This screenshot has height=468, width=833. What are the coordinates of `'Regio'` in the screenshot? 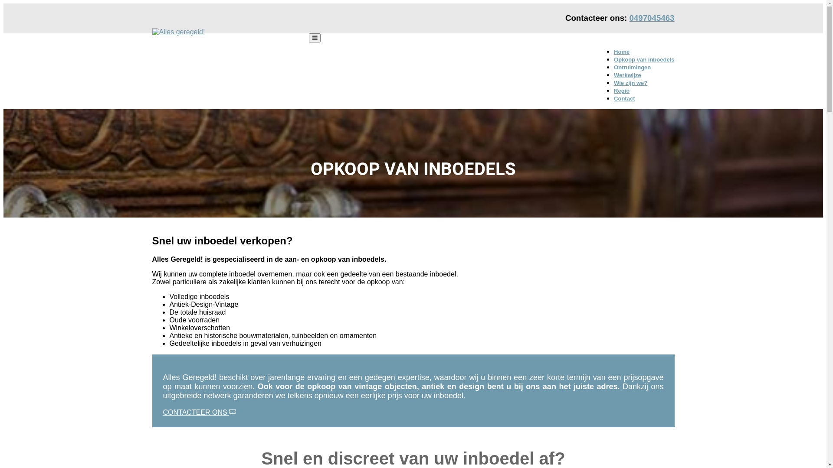 It's located at (621, 91).